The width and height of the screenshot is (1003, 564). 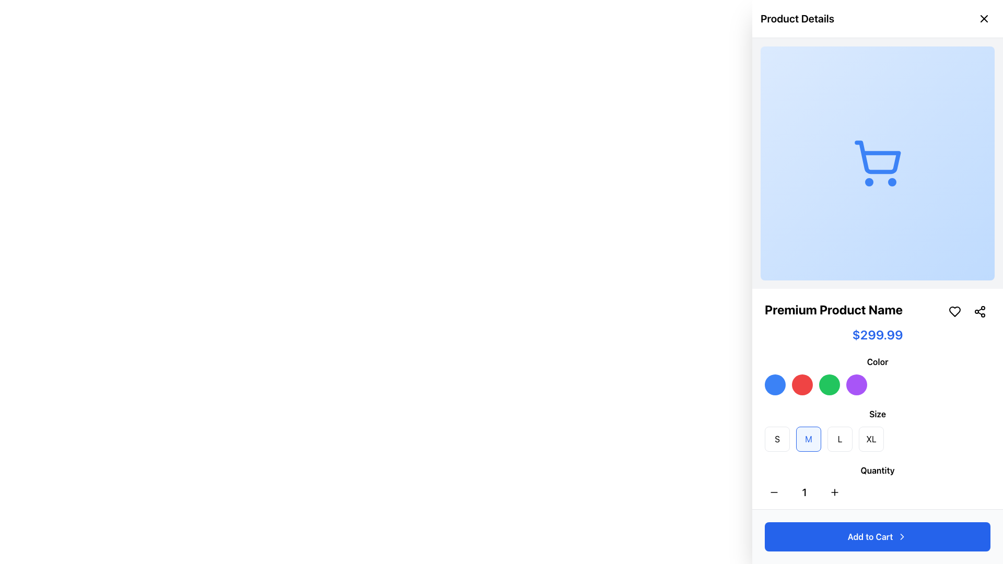 I want to click on the heart-shaped button with a black outline, so click(x=955, y=311).